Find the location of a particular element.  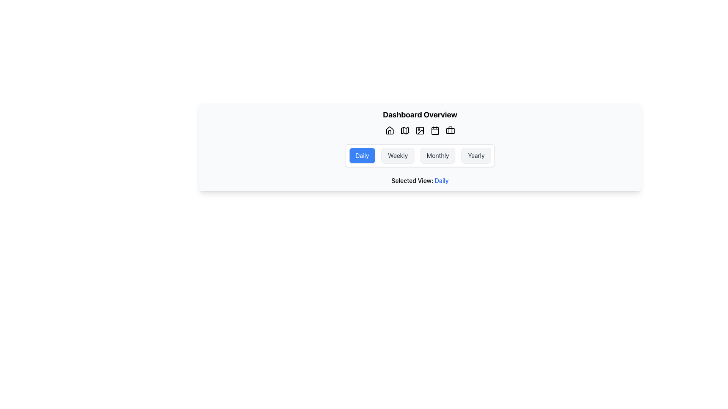

the third button in the horizontal row of icon buttons located beneath the 'Dashboard Overview' title is located at coordinates (420, 130).